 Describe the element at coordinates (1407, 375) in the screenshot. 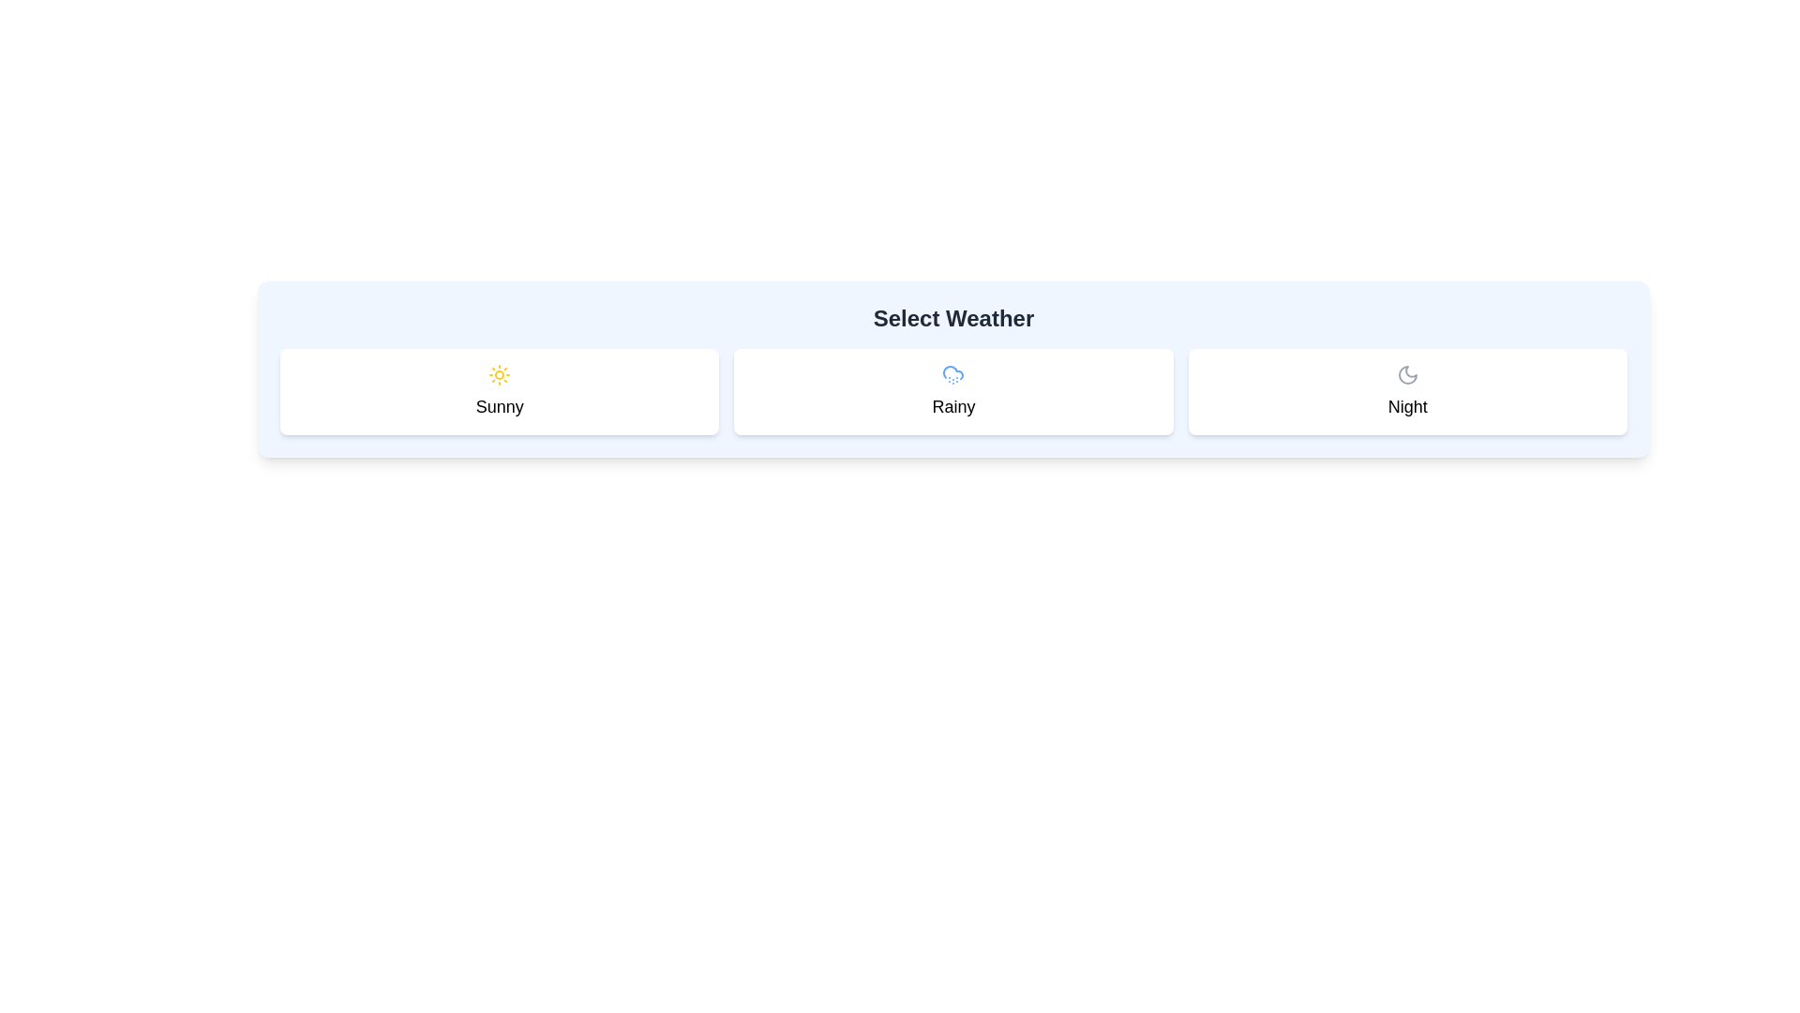

I see `the nighttime icon located in the third box labeled 'Night'` at that location.